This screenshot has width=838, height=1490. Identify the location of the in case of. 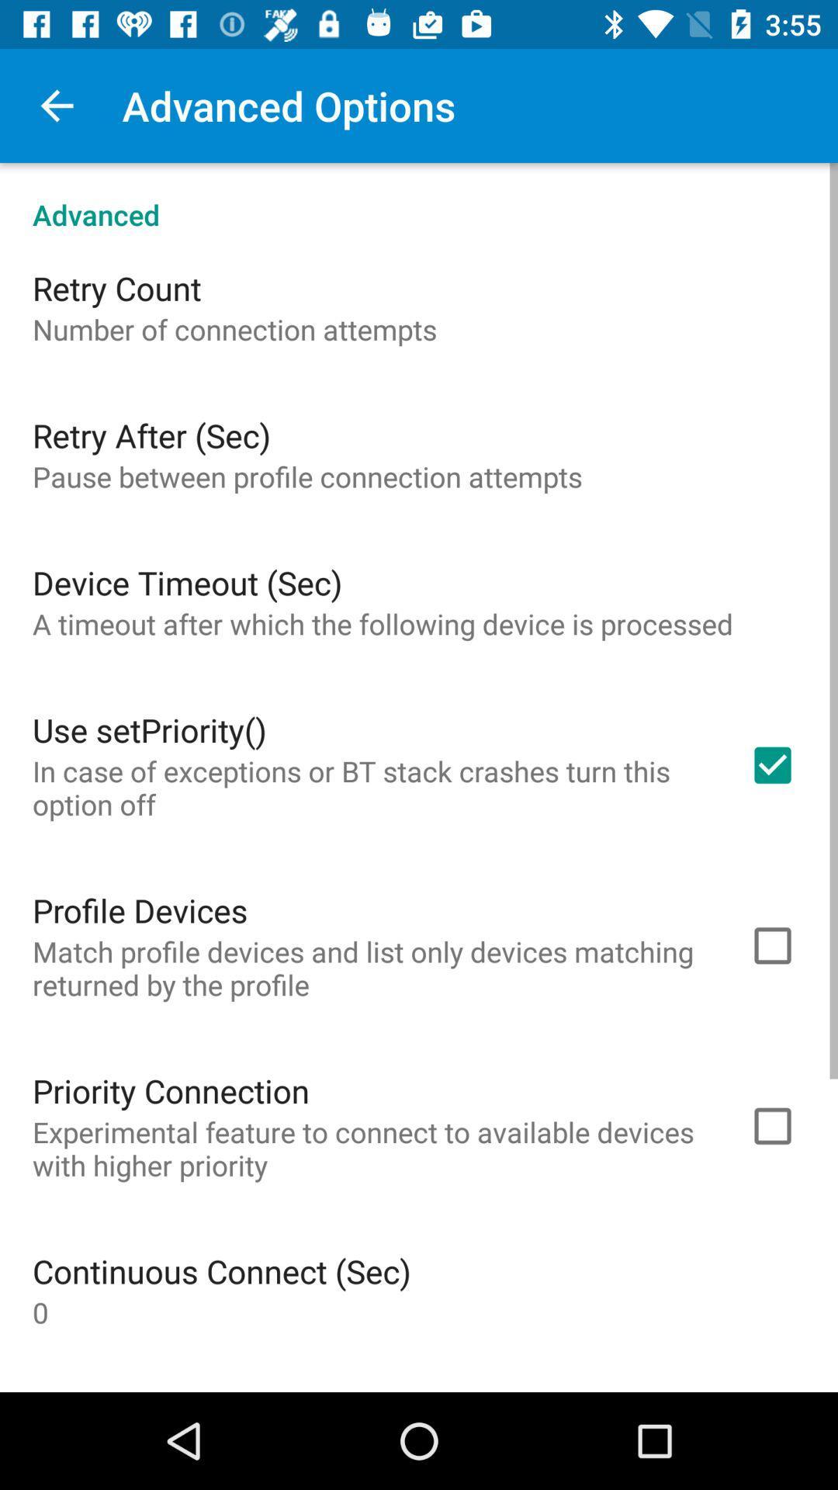
(370, 788).